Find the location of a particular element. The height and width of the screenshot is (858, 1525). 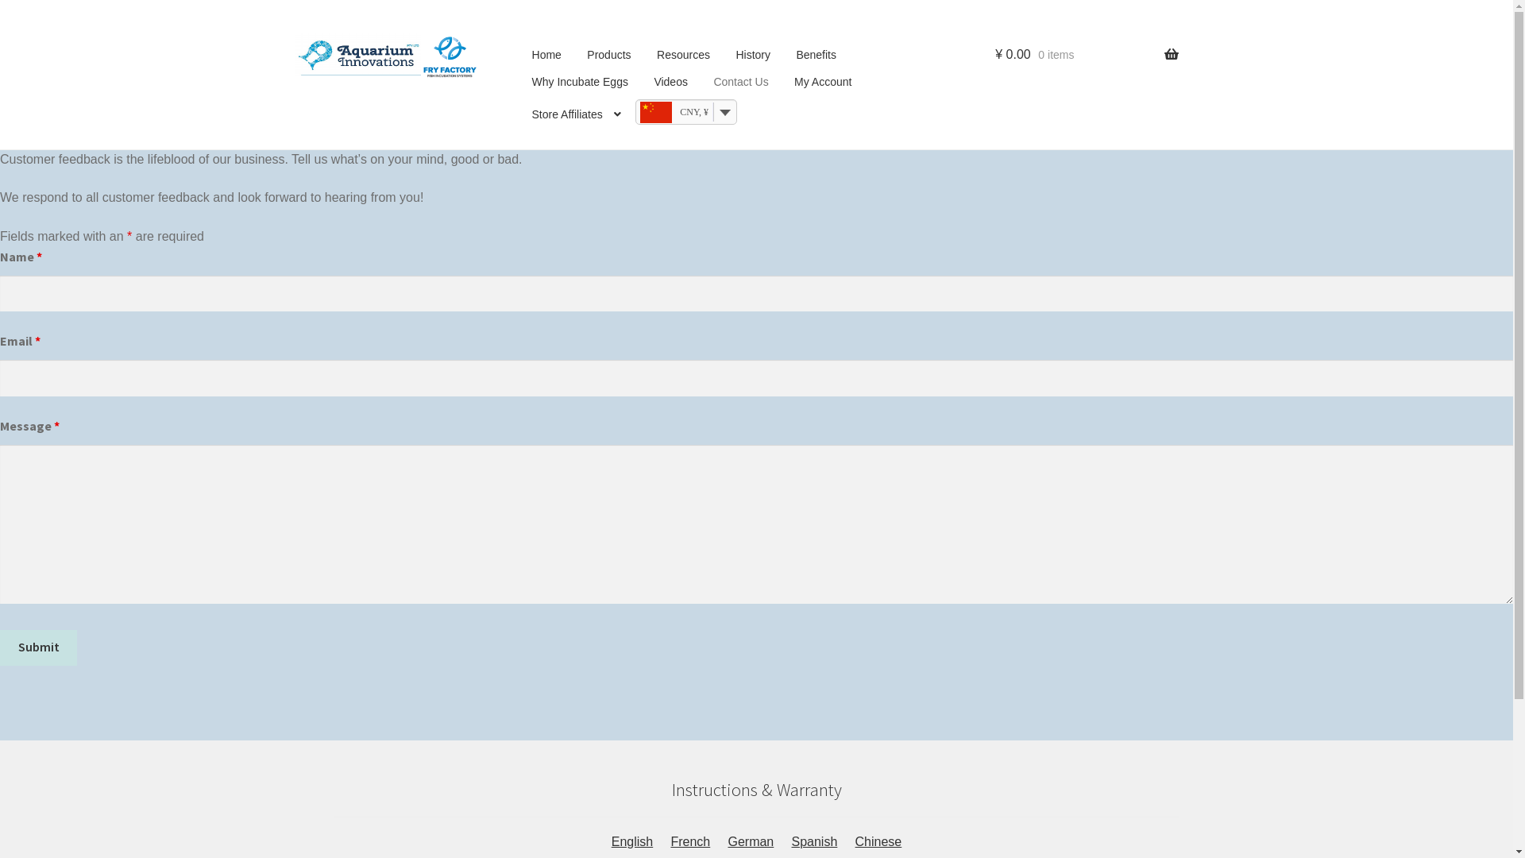

'Why Incubate Eggs' is located at coordinates (579, 86).